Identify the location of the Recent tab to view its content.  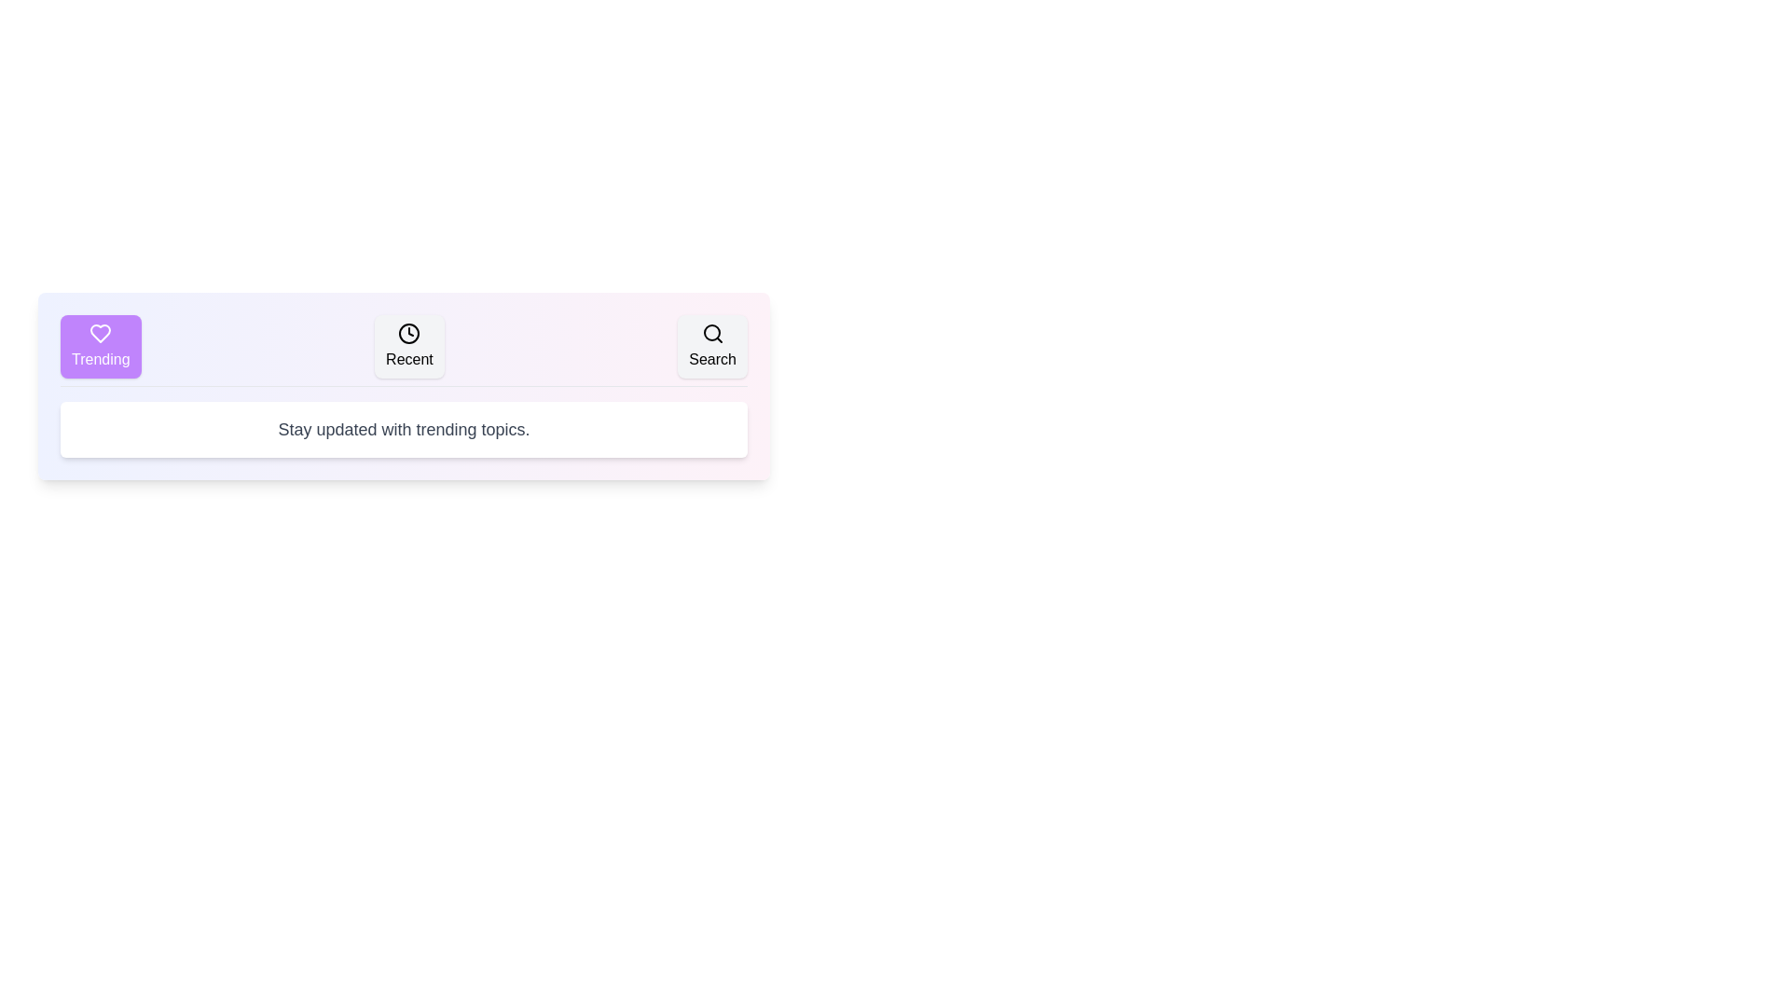
(407, 346).